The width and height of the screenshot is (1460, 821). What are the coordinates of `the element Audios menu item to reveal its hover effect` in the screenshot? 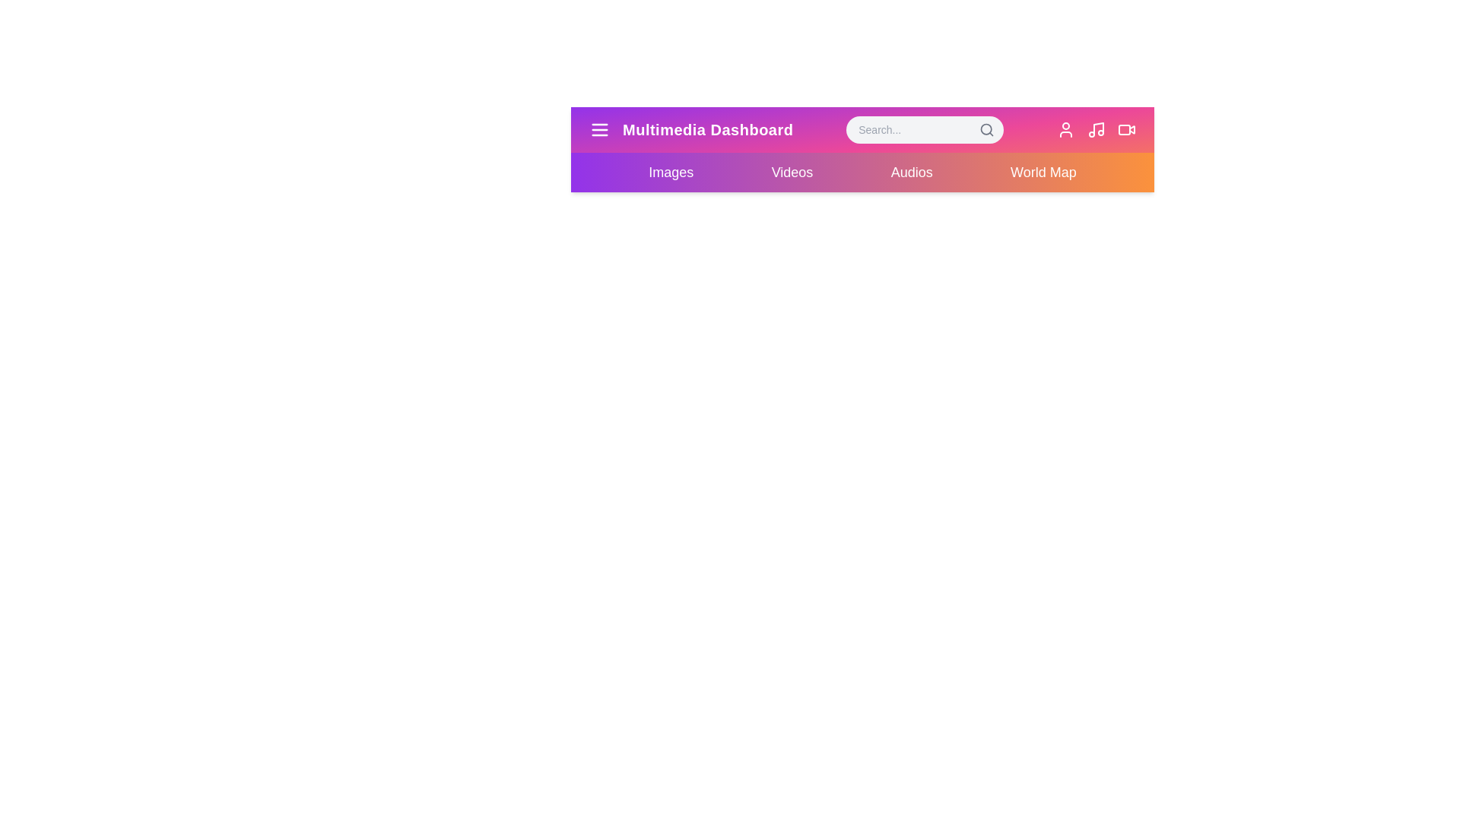 It's located at (912, 172).